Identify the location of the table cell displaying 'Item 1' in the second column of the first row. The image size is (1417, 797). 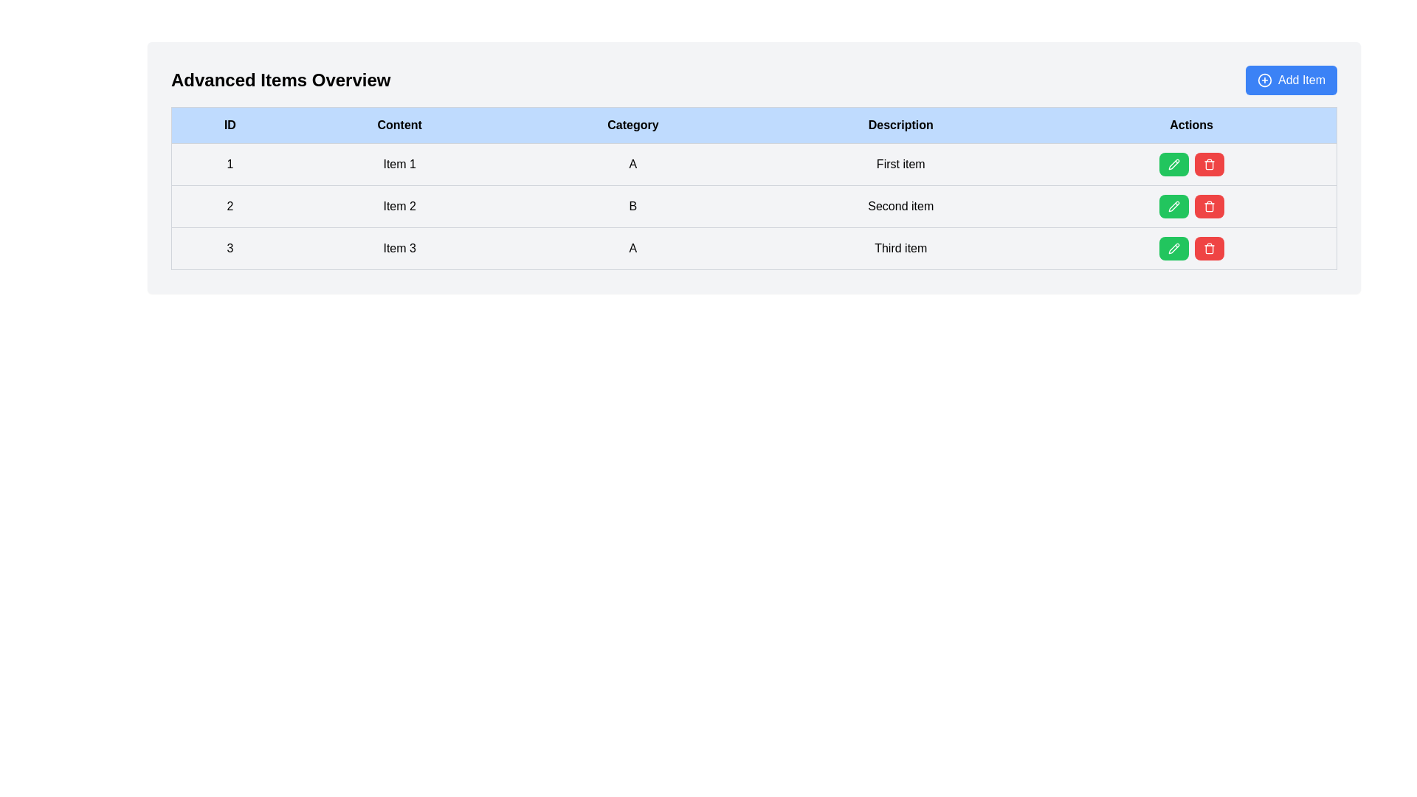
(399, 165).